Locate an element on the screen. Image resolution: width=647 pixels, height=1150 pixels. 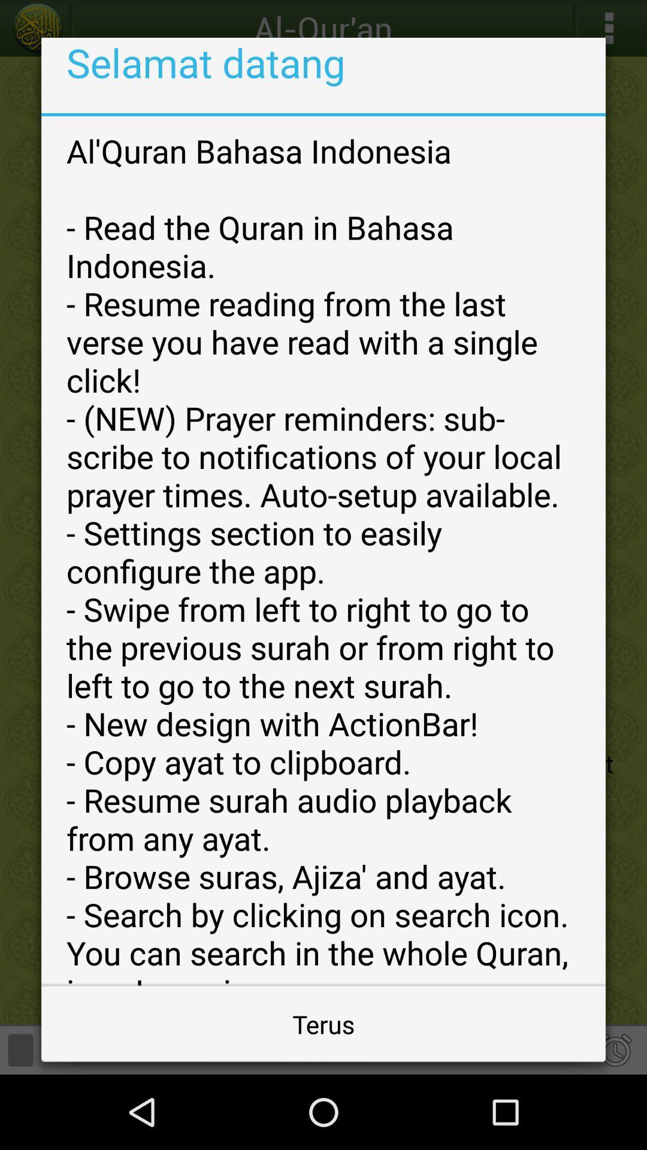
app below the al quran bahasa app is located at coordinates (323, 1023).